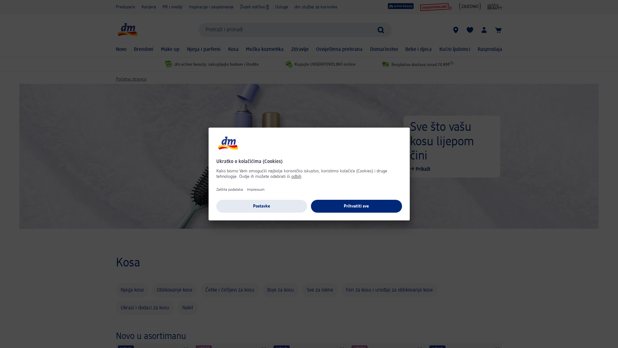 The width and height of the screenshot is (618, 348). Describe the element at coordinates (498, 30) in the screenshot. I see `'Korpa'` at that location.